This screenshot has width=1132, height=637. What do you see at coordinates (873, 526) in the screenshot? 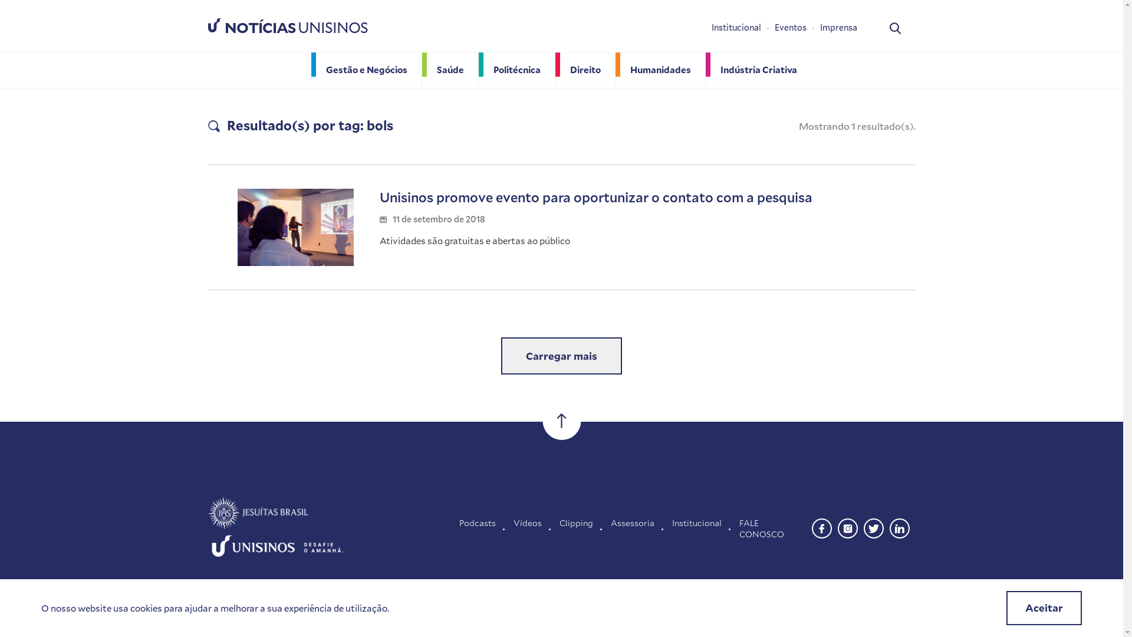
I see `'twitter'` at bounding box center [873, 526].